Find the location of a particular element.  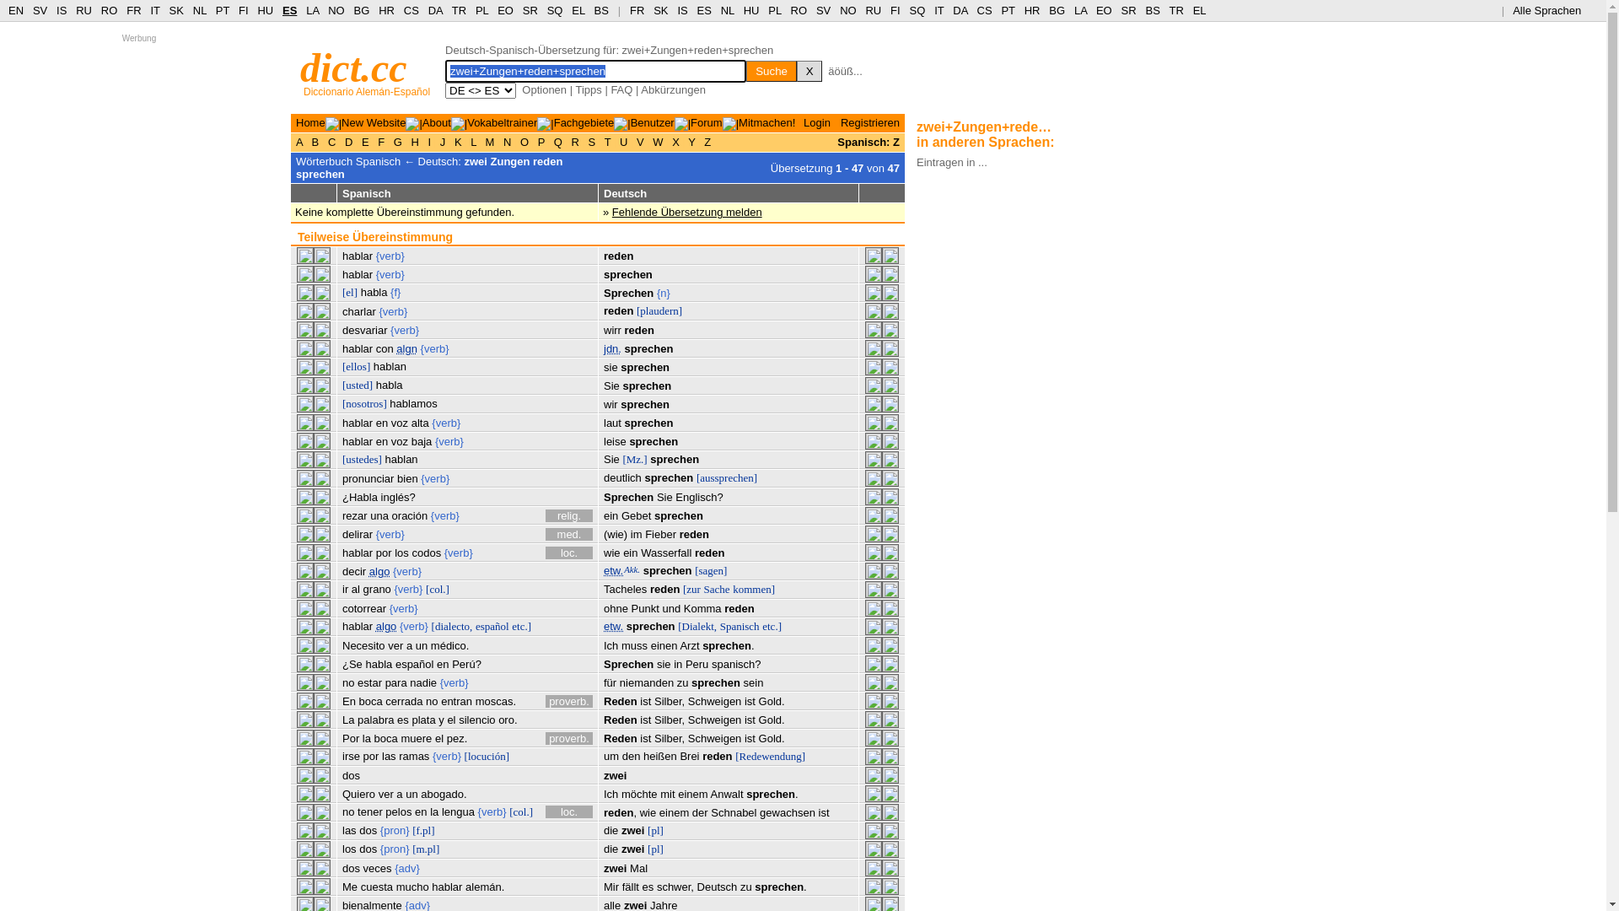

'sprechen' is located at coordinates (643, 477).